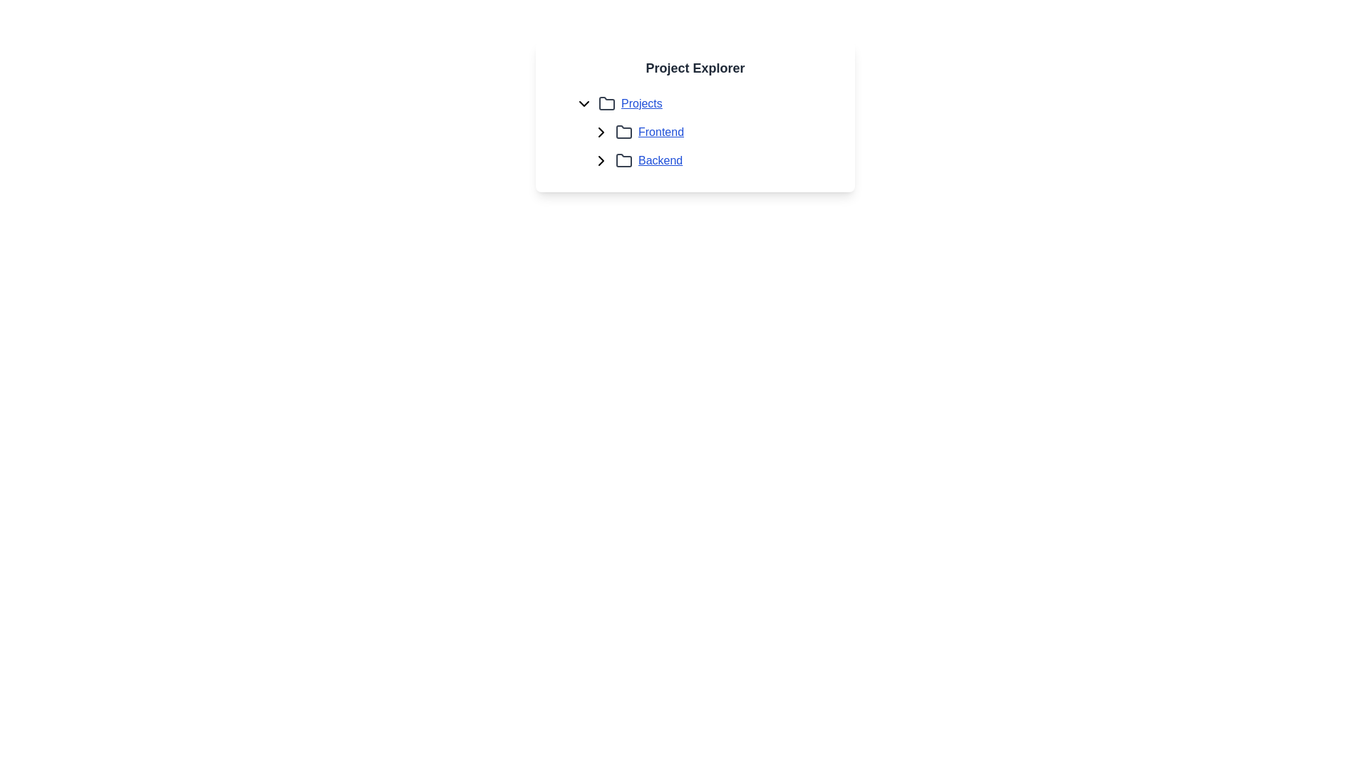 The image size is (1368, 769). I want to click on the folder icon styled with a stroke outline, located near the text 'Frontend' in the 'Project Explorer', so click(623, 132).